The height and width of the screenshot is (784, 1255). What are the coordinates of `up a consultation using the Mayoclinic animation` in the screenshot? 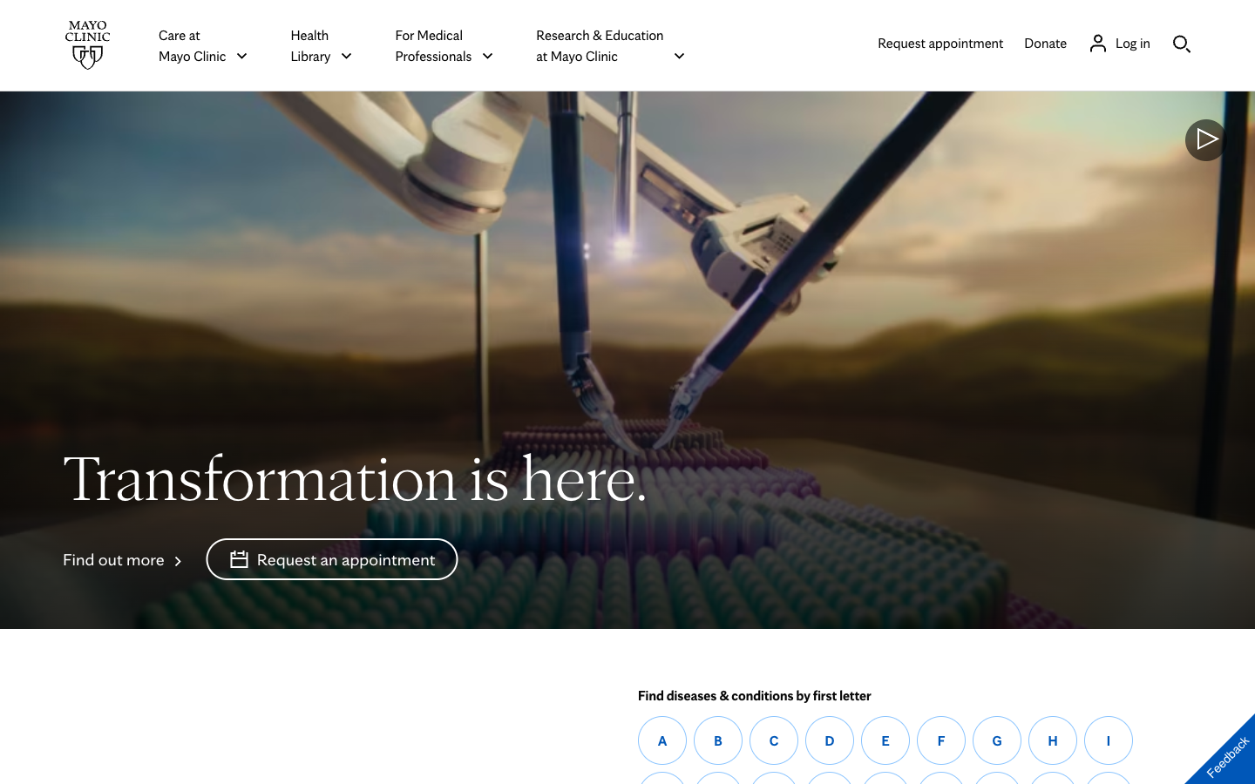 It's located at (331, 558).